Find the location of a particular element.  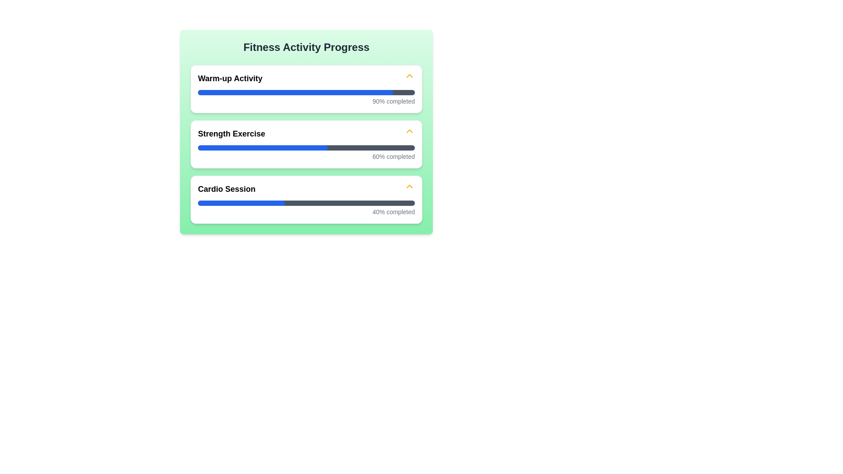

the progress bar indicating 60% completion of the 'Strength Exercise' activity is located at coordinates (306, 147).